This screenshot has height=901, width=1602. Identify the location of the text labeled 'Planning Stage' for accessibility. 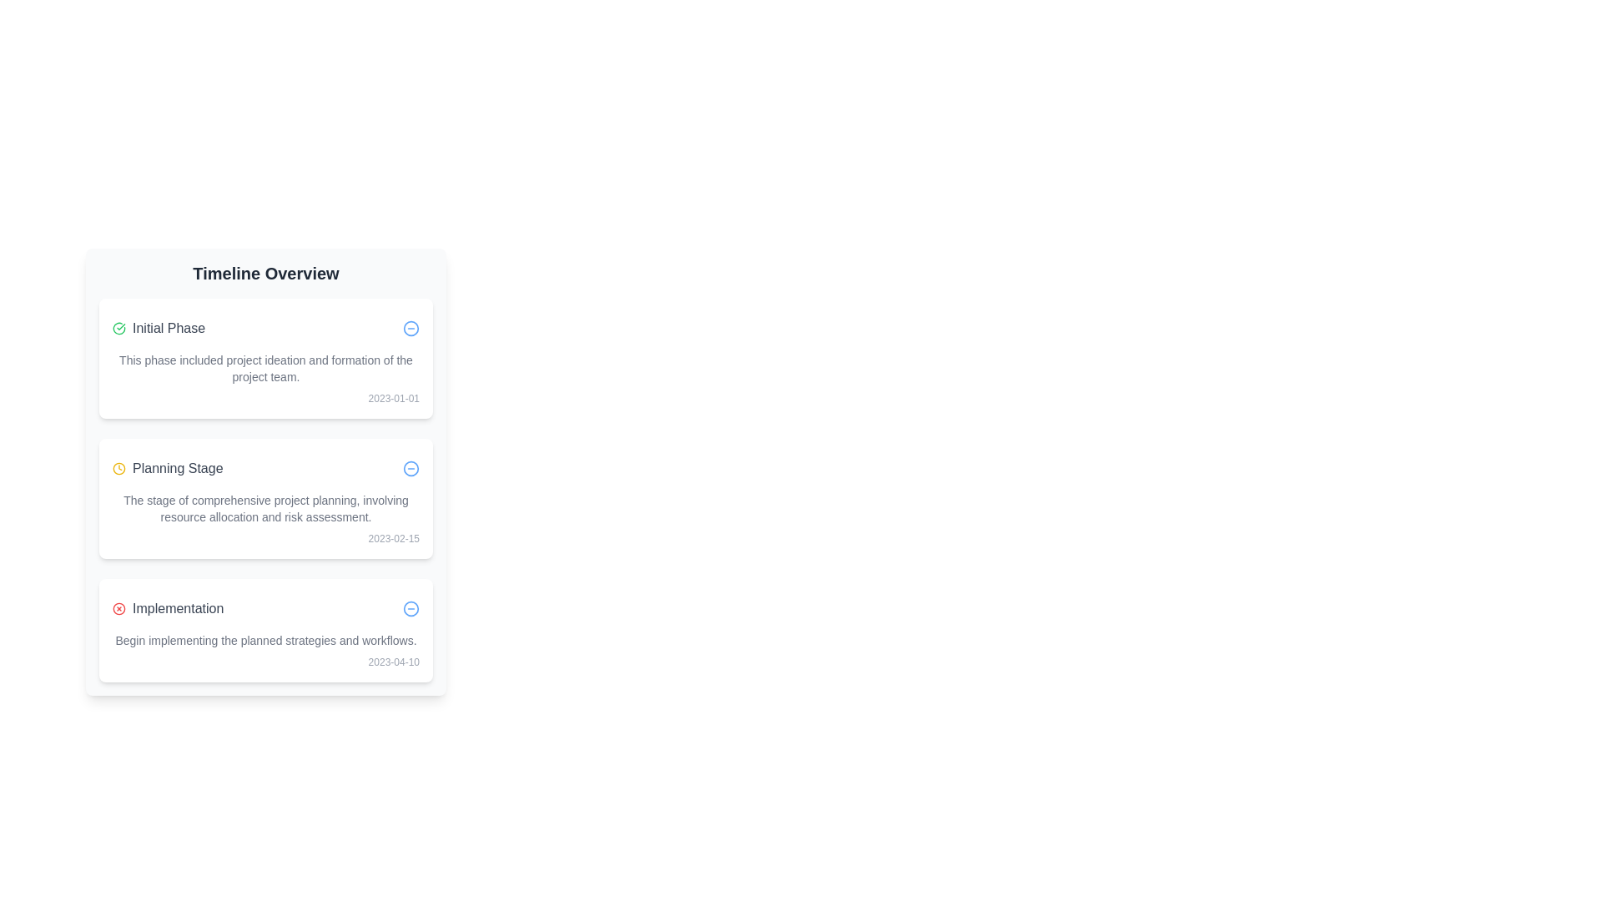
(178, 469).